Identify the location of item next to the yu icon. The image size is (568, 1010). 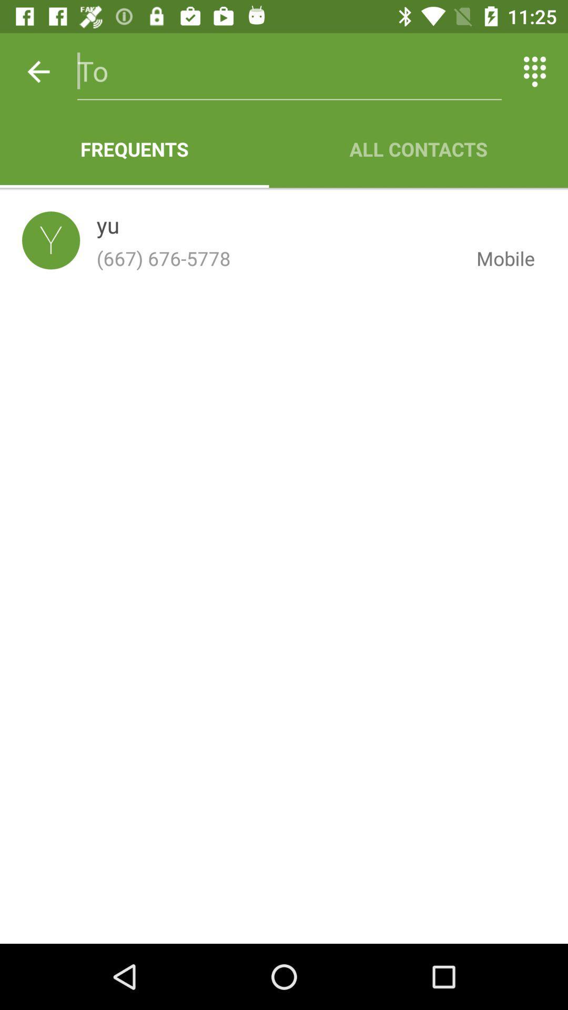
(51, 240).